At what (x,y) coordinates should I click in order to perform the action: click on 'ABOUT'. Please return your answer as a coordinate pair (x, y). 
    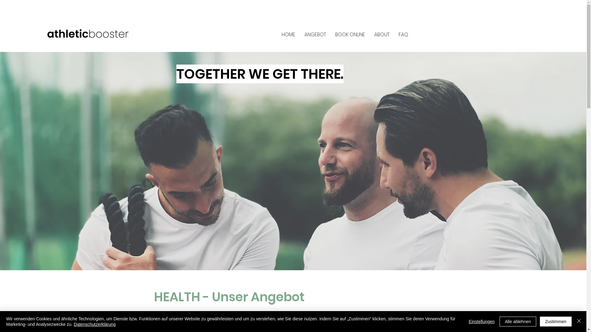
    Looking at the image, I should click on (381, 34).